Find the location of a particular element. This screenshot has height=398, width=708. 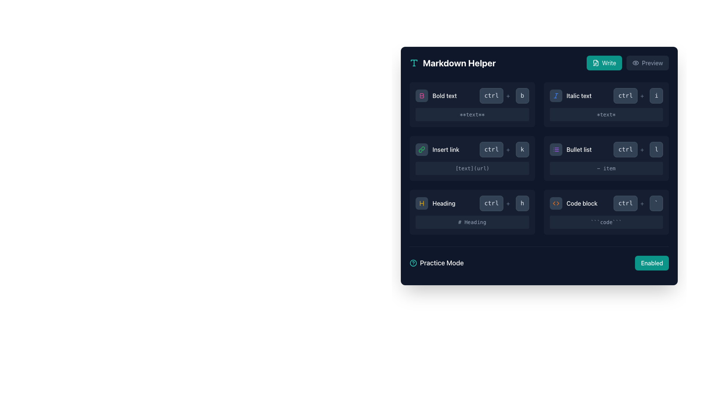

the circular element within the SVG icon located in the bottom-right corner of the UI, near the 'Practice Mode' toggle is located at coordinates (413, 262).